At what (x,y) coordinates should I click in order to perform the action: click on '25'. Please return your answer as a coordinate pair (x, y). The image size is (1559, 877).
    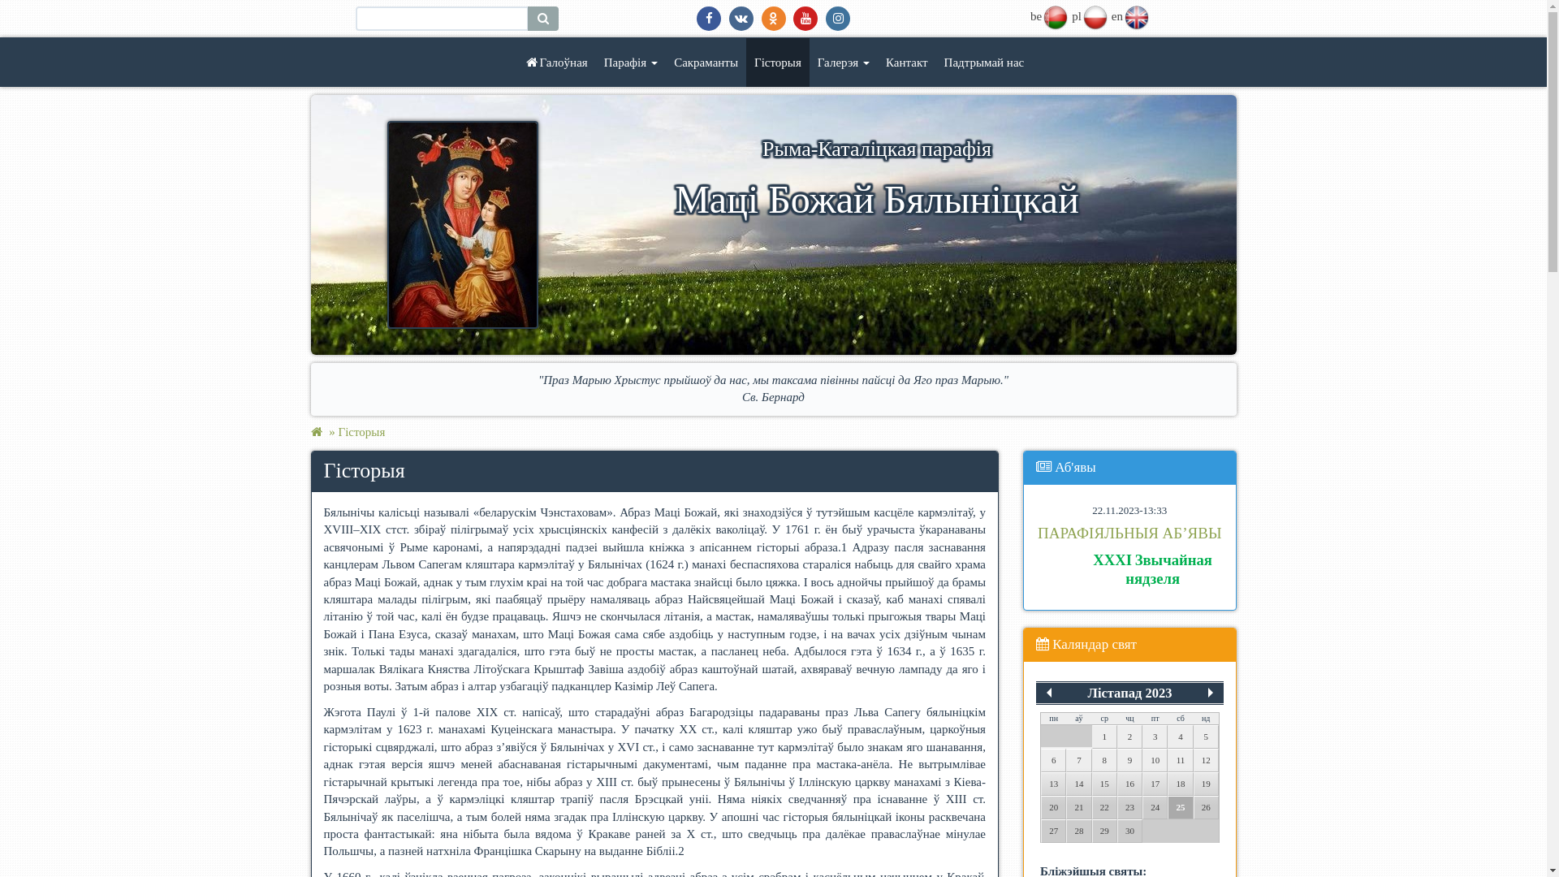
    Looking at the image, I should click on (1180, 807).